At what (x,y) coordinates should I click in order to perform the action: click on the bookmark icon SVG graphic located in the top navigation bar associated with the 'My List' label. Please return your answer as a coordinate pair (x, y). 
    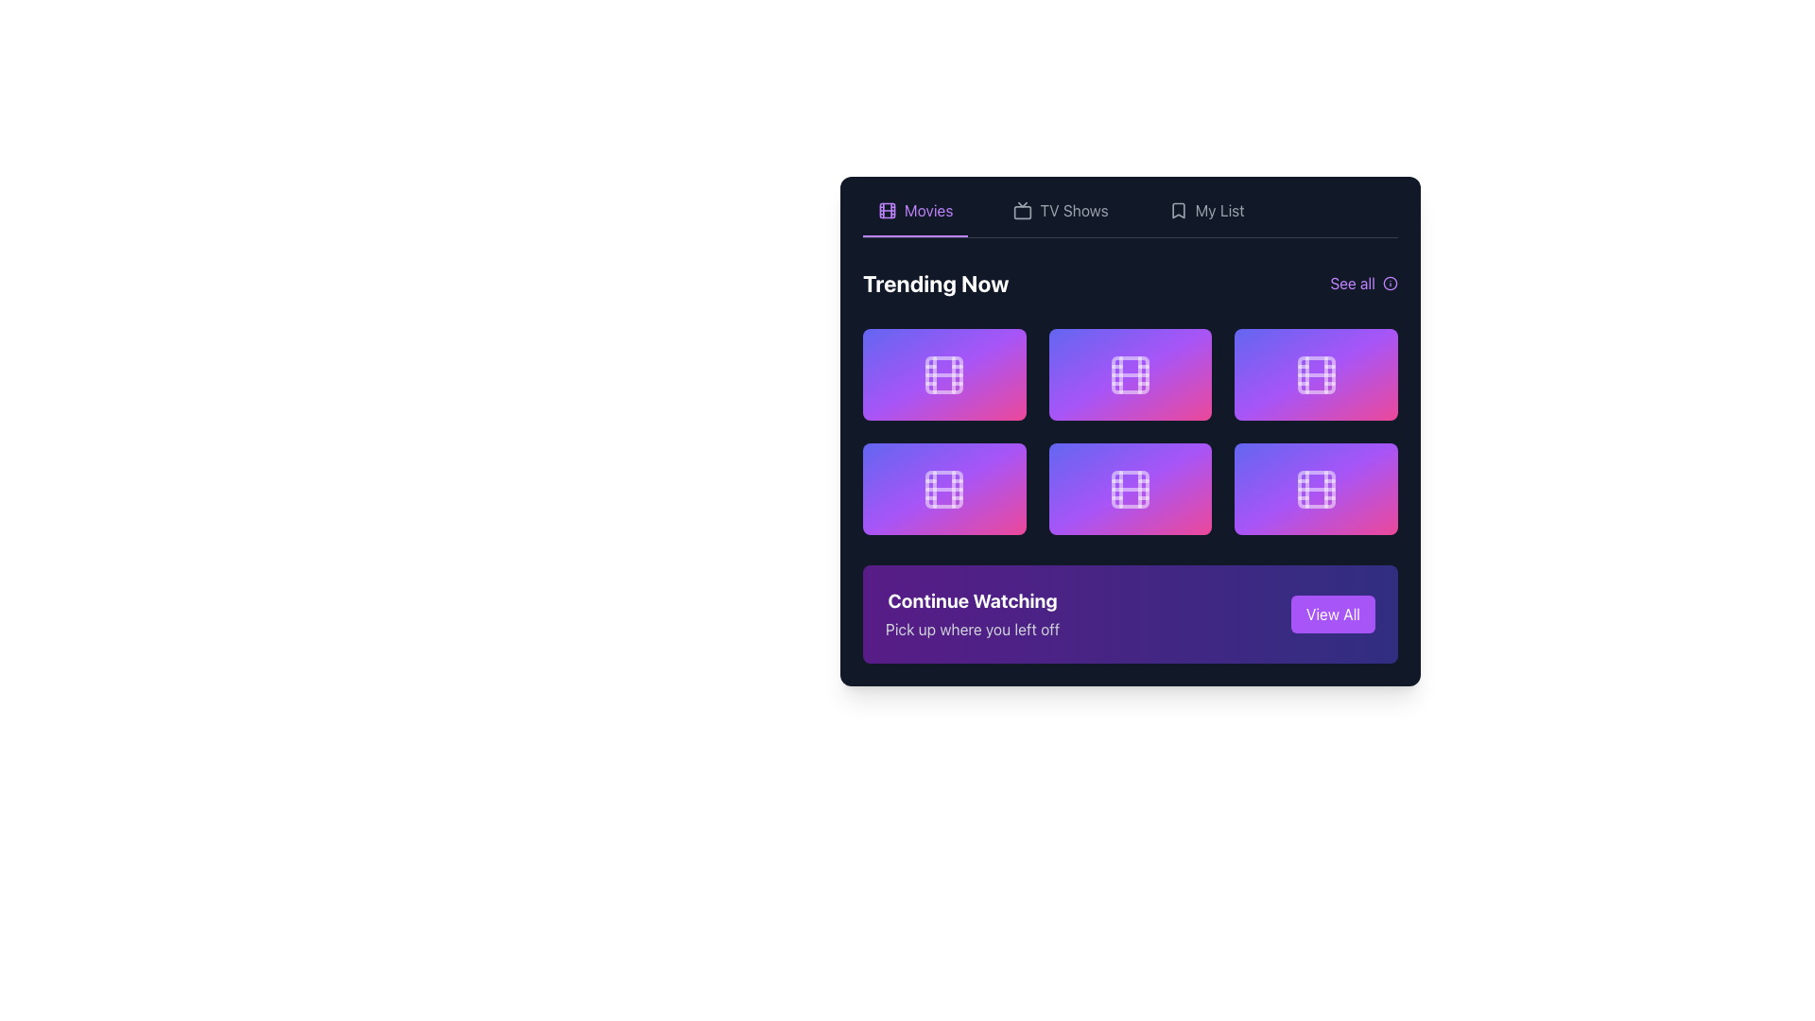
    Looking at the image, I should click on (1177, 211).